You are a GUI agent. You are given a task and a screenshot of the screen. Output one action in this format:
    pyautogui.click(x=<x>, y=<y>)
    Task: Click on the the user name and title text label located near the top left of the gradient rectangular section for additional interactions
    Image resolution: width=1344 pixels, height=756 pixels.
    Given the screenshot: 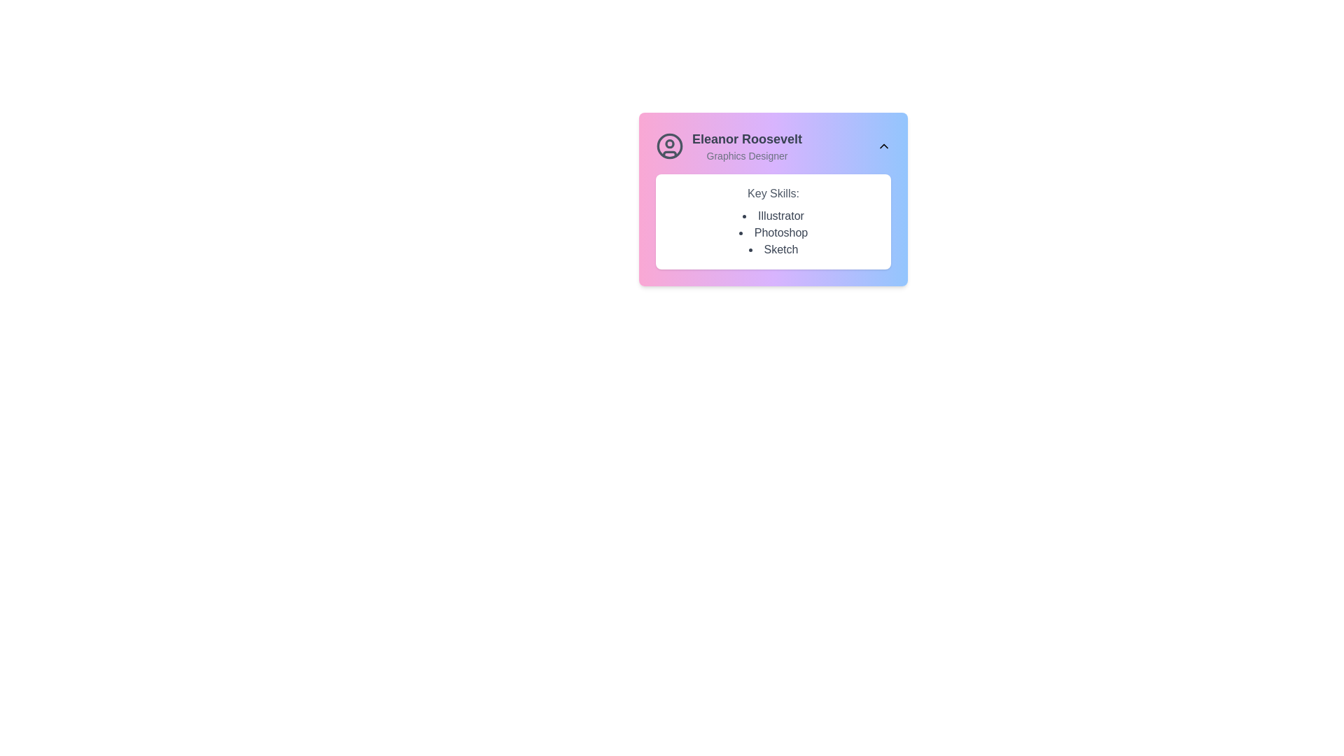 What is the action you would take?
    pyautogui.click(x=746, y=146)
    